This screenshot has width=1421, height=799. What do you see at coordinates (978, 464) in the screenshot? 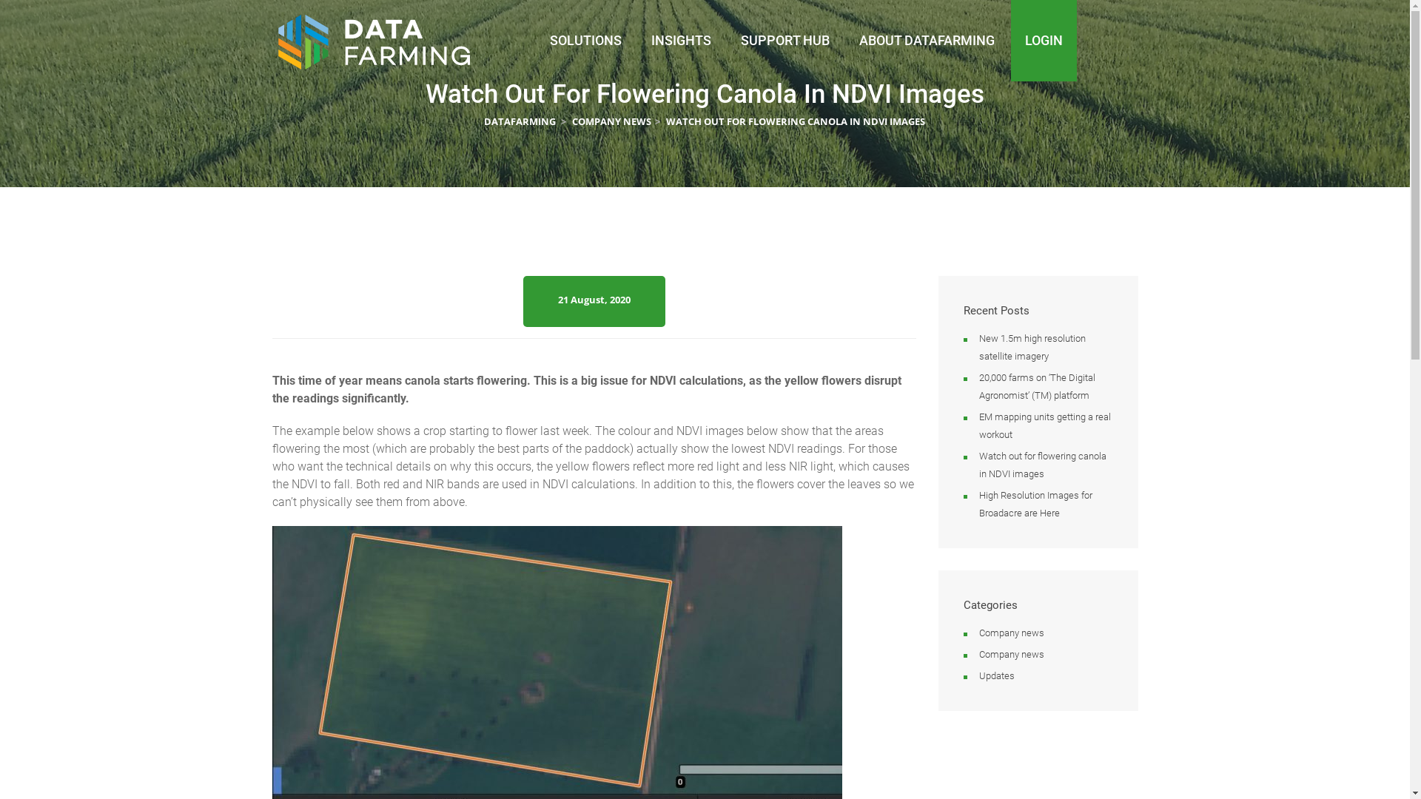
I see `'Watch out for flowering canola in NDVI images'` at bounding box center [978, 464].